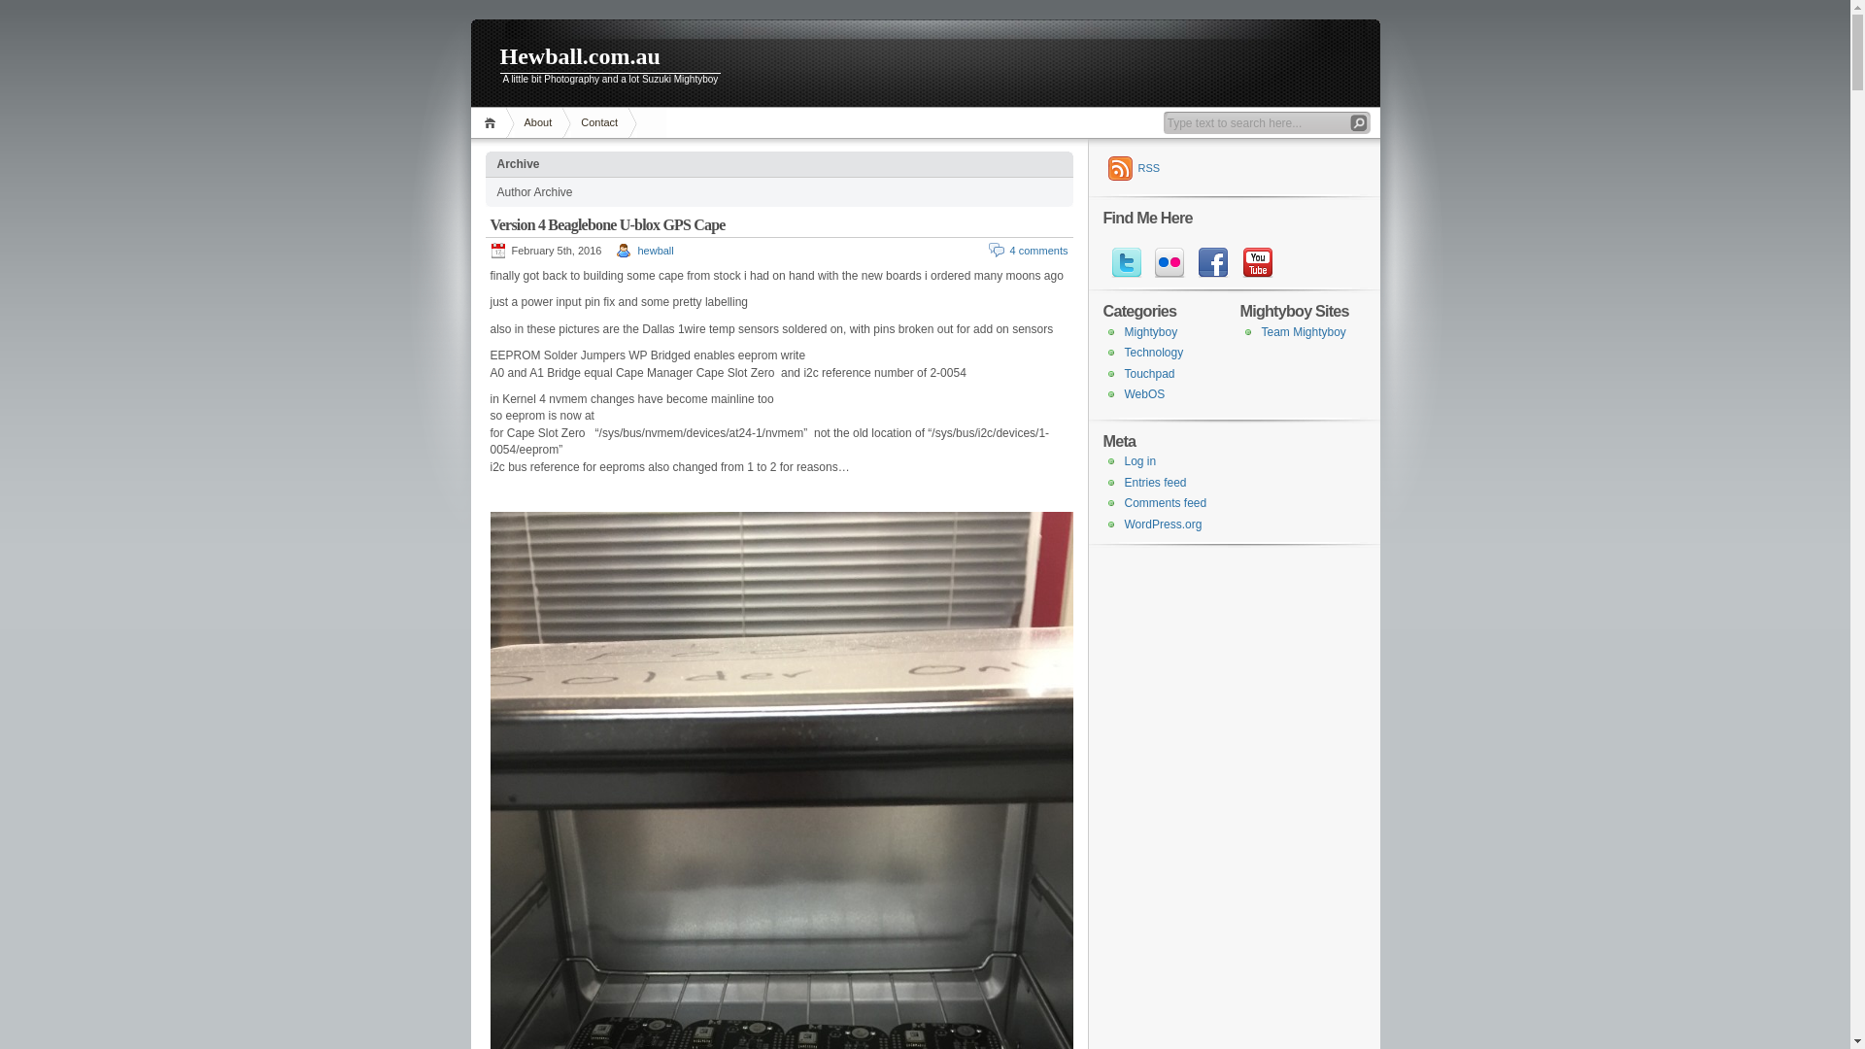 The width and height of the screenshot is (1865, 1049). What do you see at coordinates (655, 250) in the screenshot?
I see `'hewball'` at bounding box center [655, 250].